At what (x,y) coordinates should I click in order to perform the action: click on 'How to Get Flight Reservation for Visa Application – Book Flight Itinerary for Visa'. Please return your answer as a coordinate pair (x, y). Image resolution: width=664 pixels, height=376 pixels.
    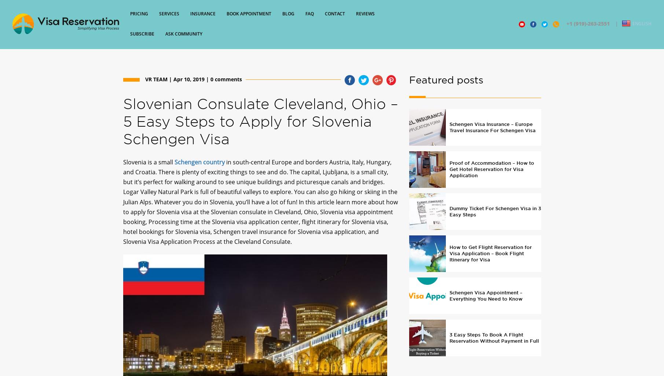
    Looking at the image, I should click on (490, 260).